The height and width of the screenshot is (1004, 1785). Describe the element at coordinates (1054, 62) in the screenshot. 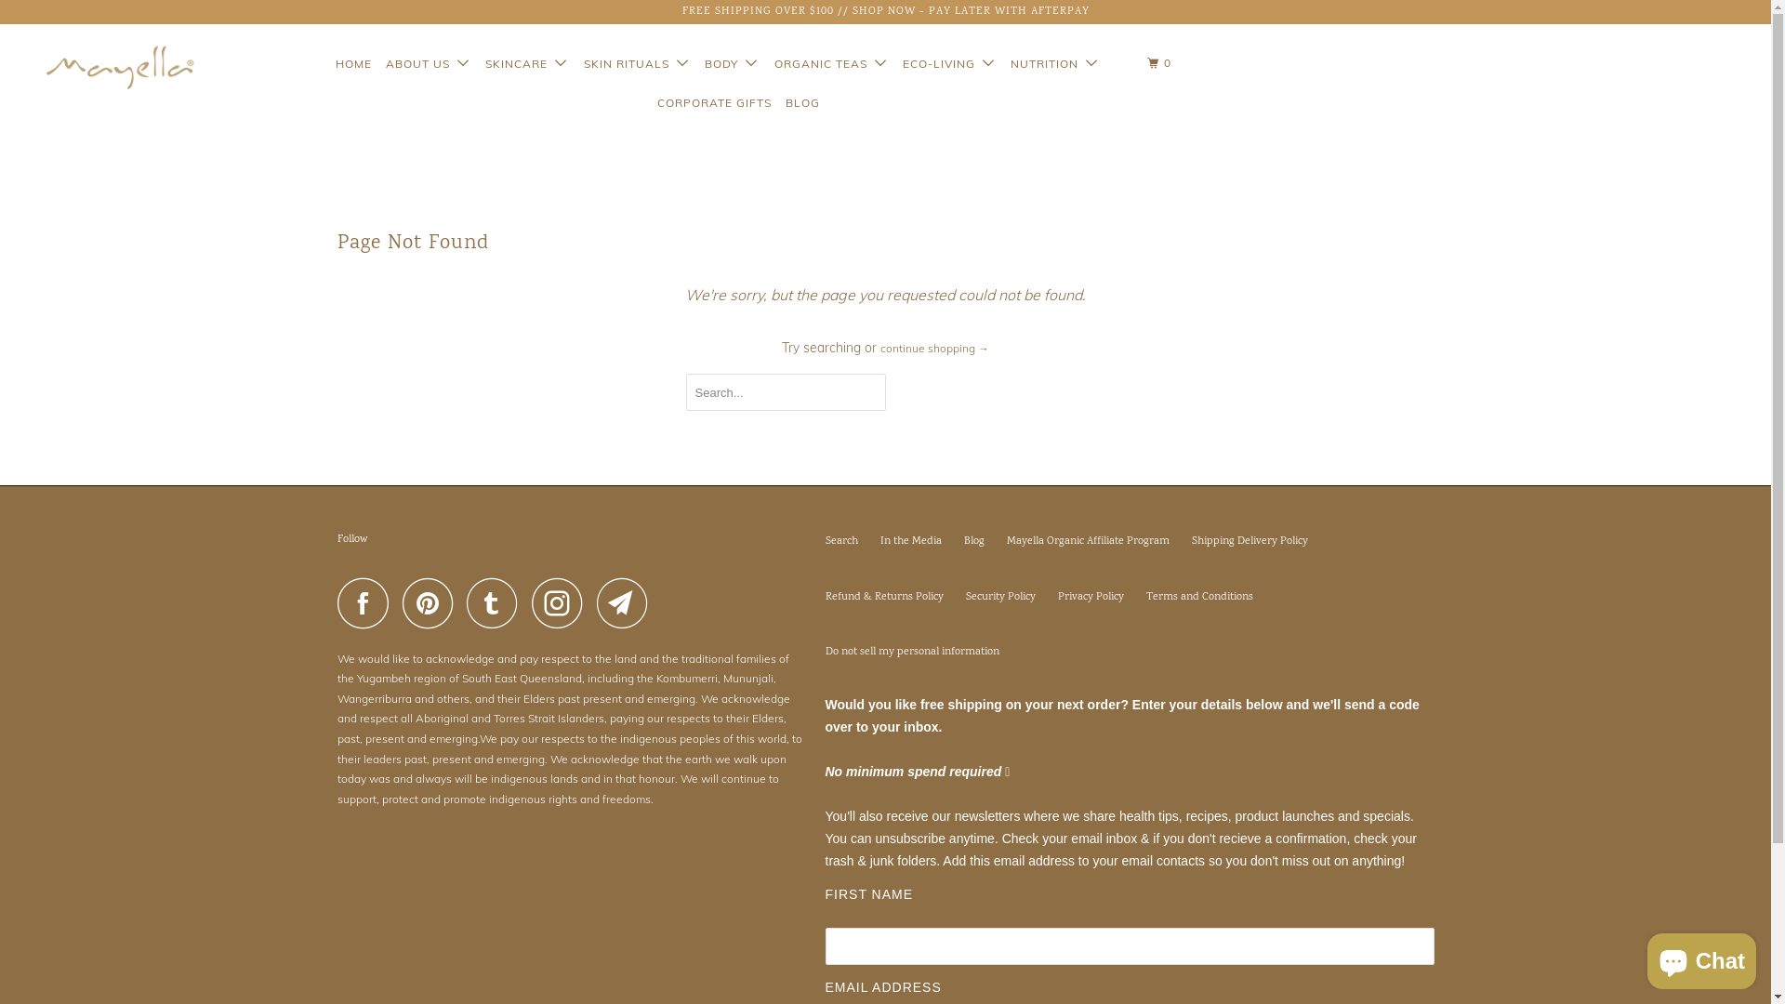

I see `'NUTRITION  '` at that location.